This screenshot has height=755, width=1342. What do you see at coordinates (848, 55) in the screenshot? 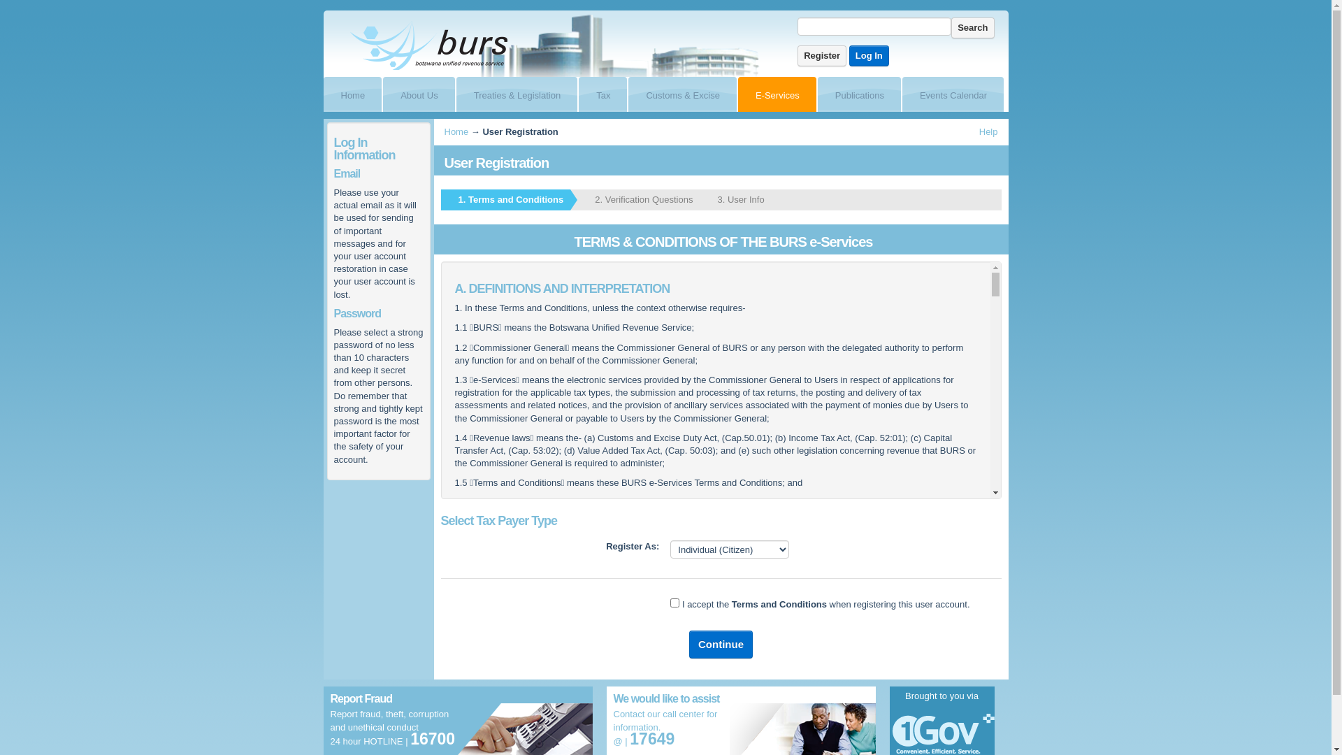
I see `'Log In'` at bounding box center [848, 55].